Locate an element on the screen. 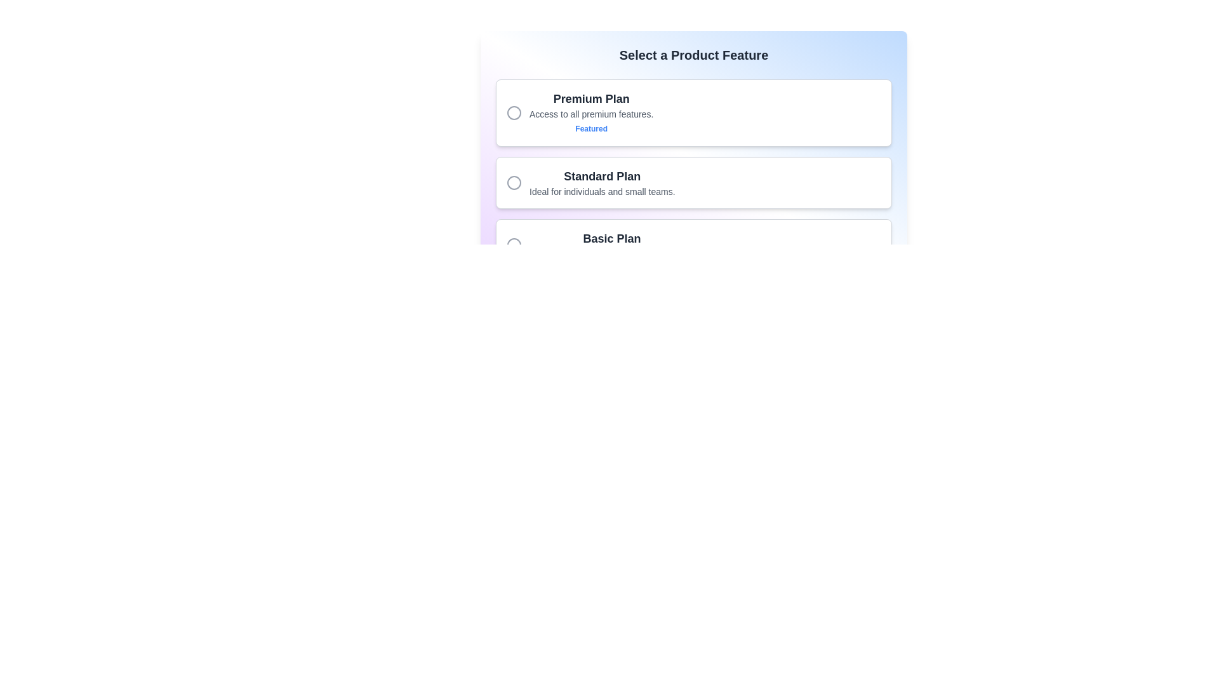 This screenshot has width=1219, height=686. Circle element that represents a radio button indicator for the 'Basic Plan' option in the interface is located at coordinates (514, 245).